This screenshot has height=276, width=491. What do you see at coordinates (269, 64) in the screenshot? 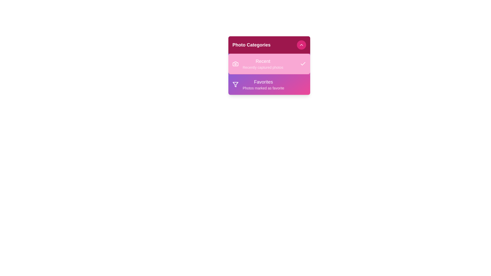
I see `the category Recent from the list` at bounding box center [269, 64].